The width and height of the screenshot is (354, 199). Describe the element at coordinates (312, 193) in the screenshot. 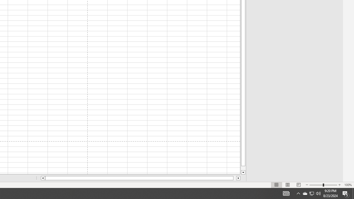

I see `'User Promoted Notification Area'` at that location.